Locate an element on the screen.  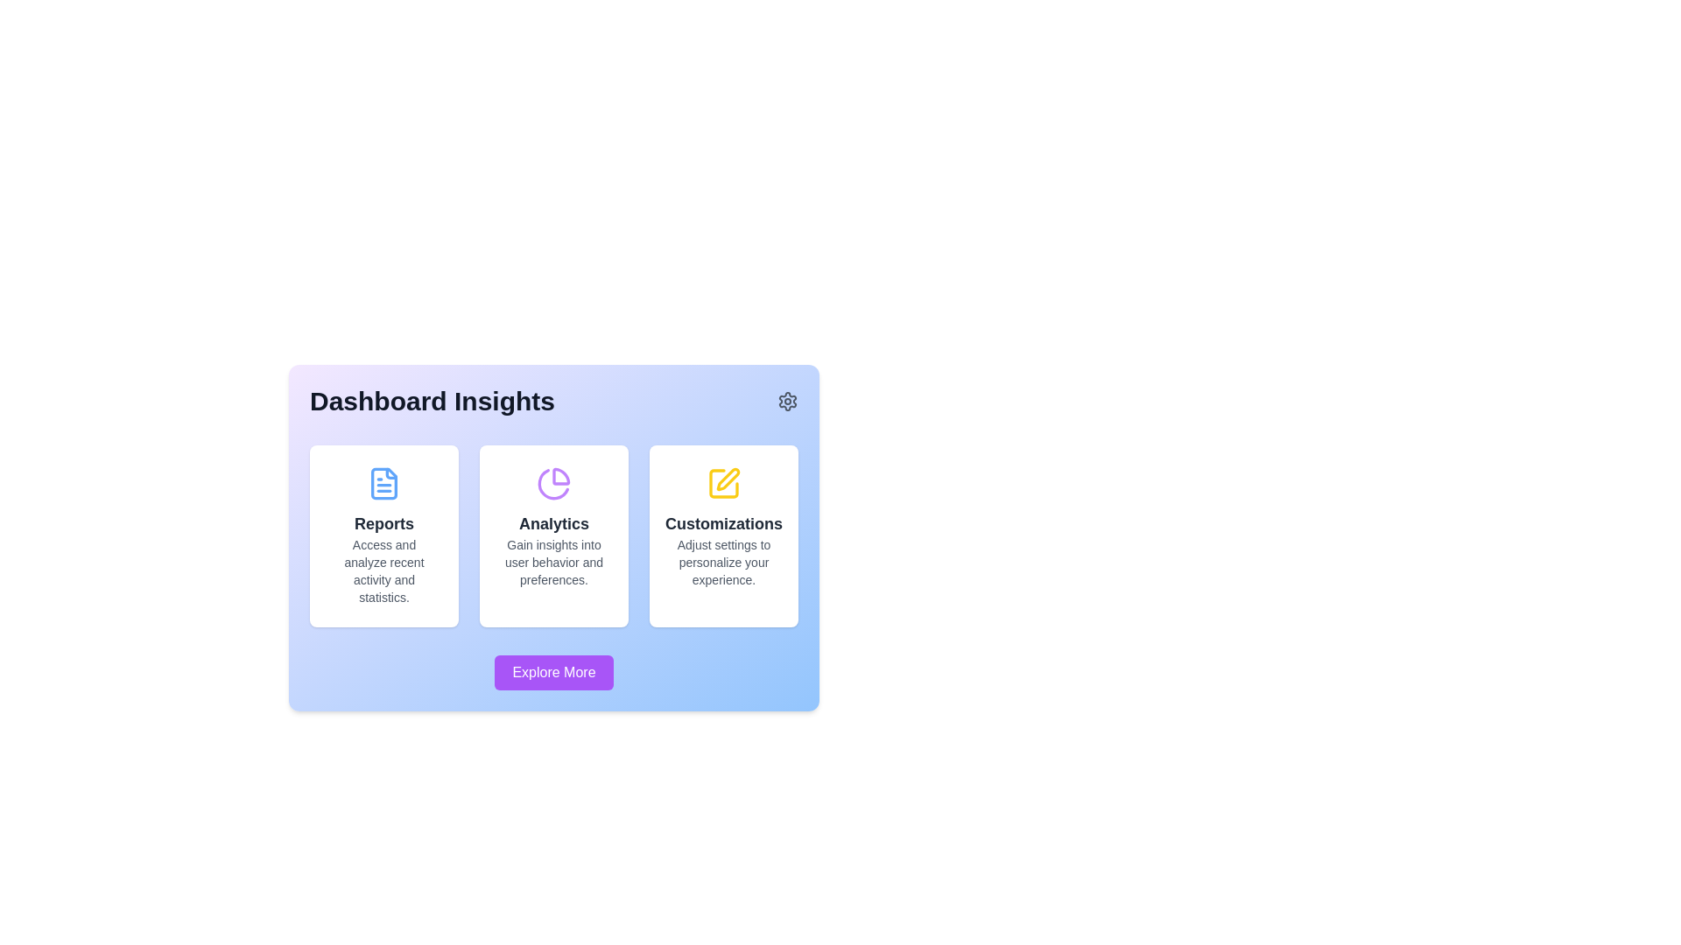
the settings icon located at the top-right corner of the 'Dashboard Insights' card, which signifies the option to customize or alter settings is located at coordinates (787, 402).